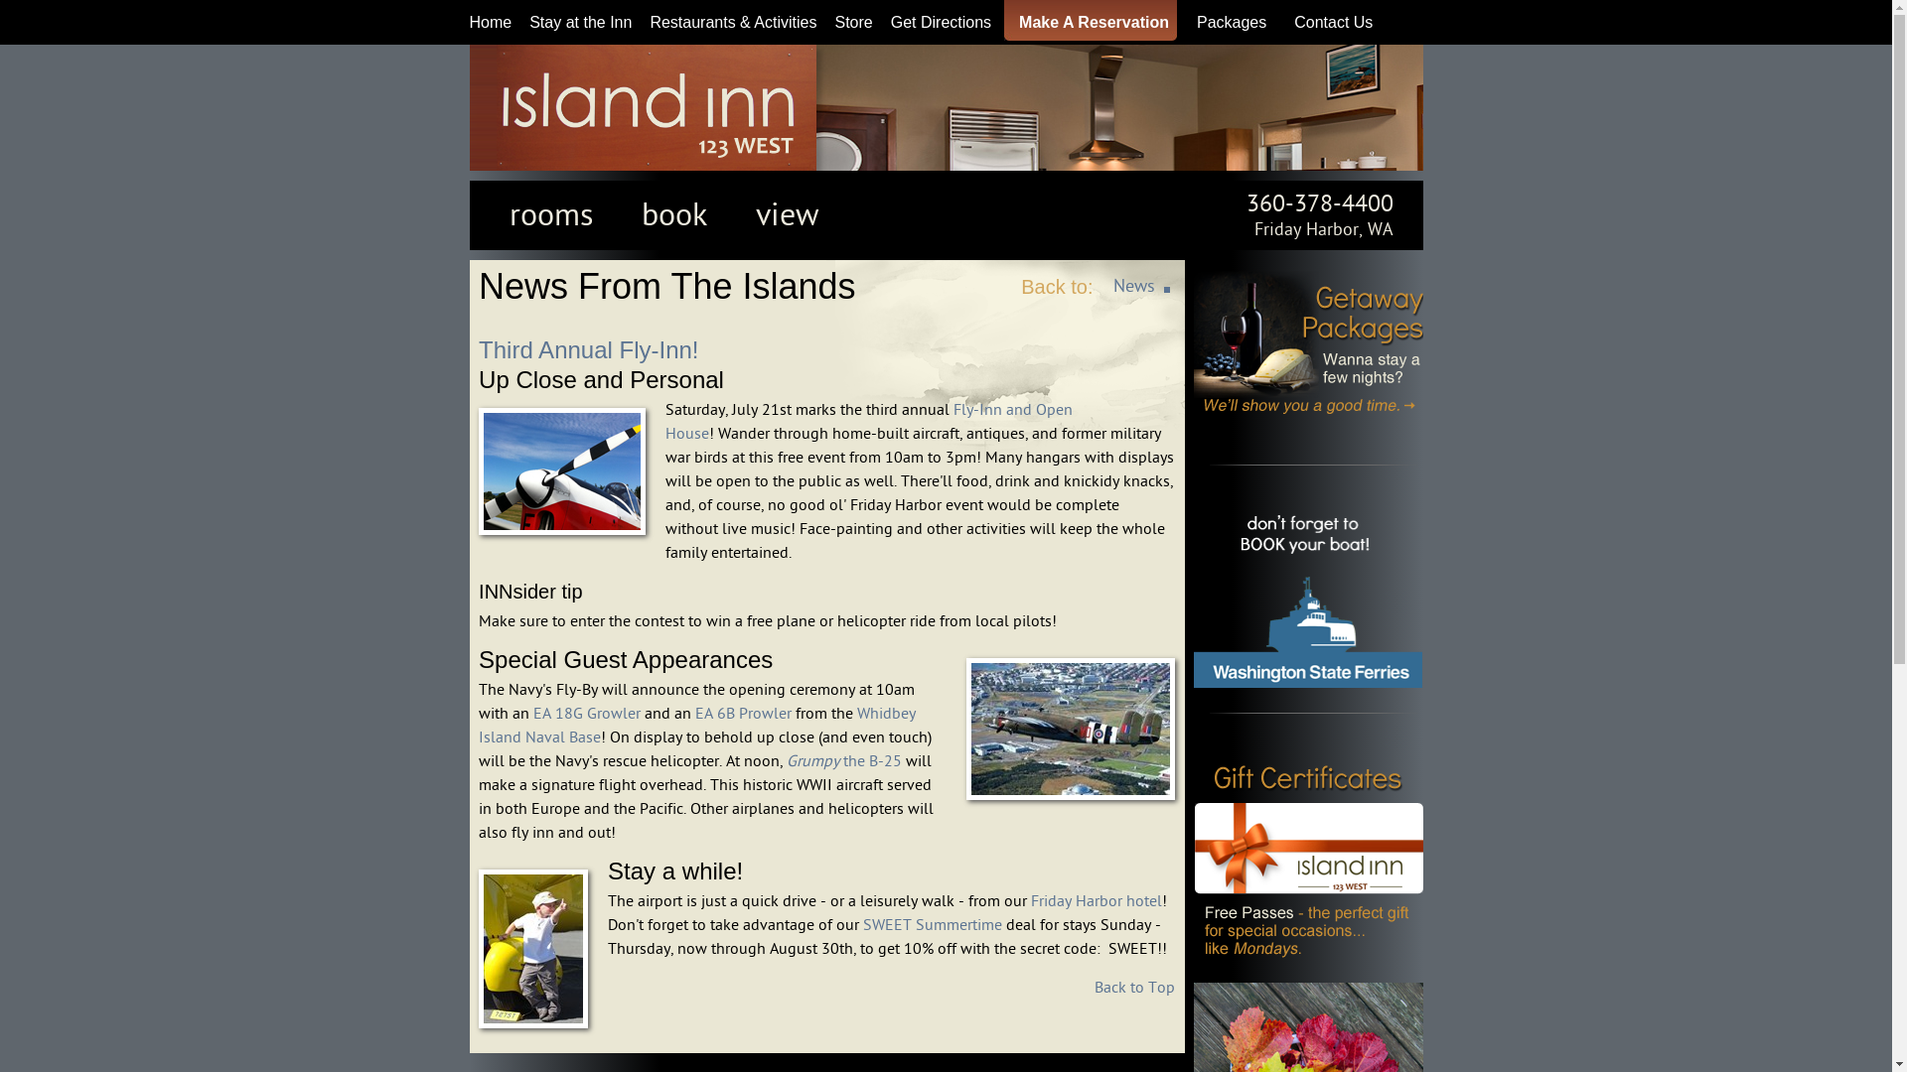 This screenshot has width=1907, height=1072. What do you see at coordinates (843, 760) in the screenshot?
I see `'Grumpy the B-25'` at bounding box center [843, 760].